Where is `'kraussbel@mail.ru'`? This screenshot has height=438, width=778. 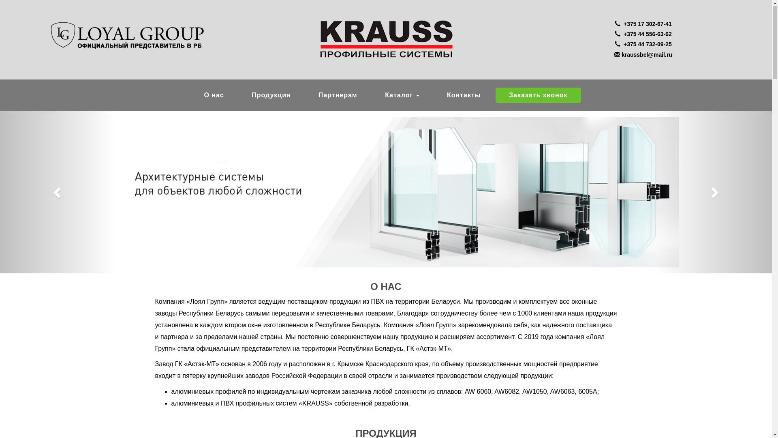
'kraussbel@mail.ru' is located at coordinates (643, 55).